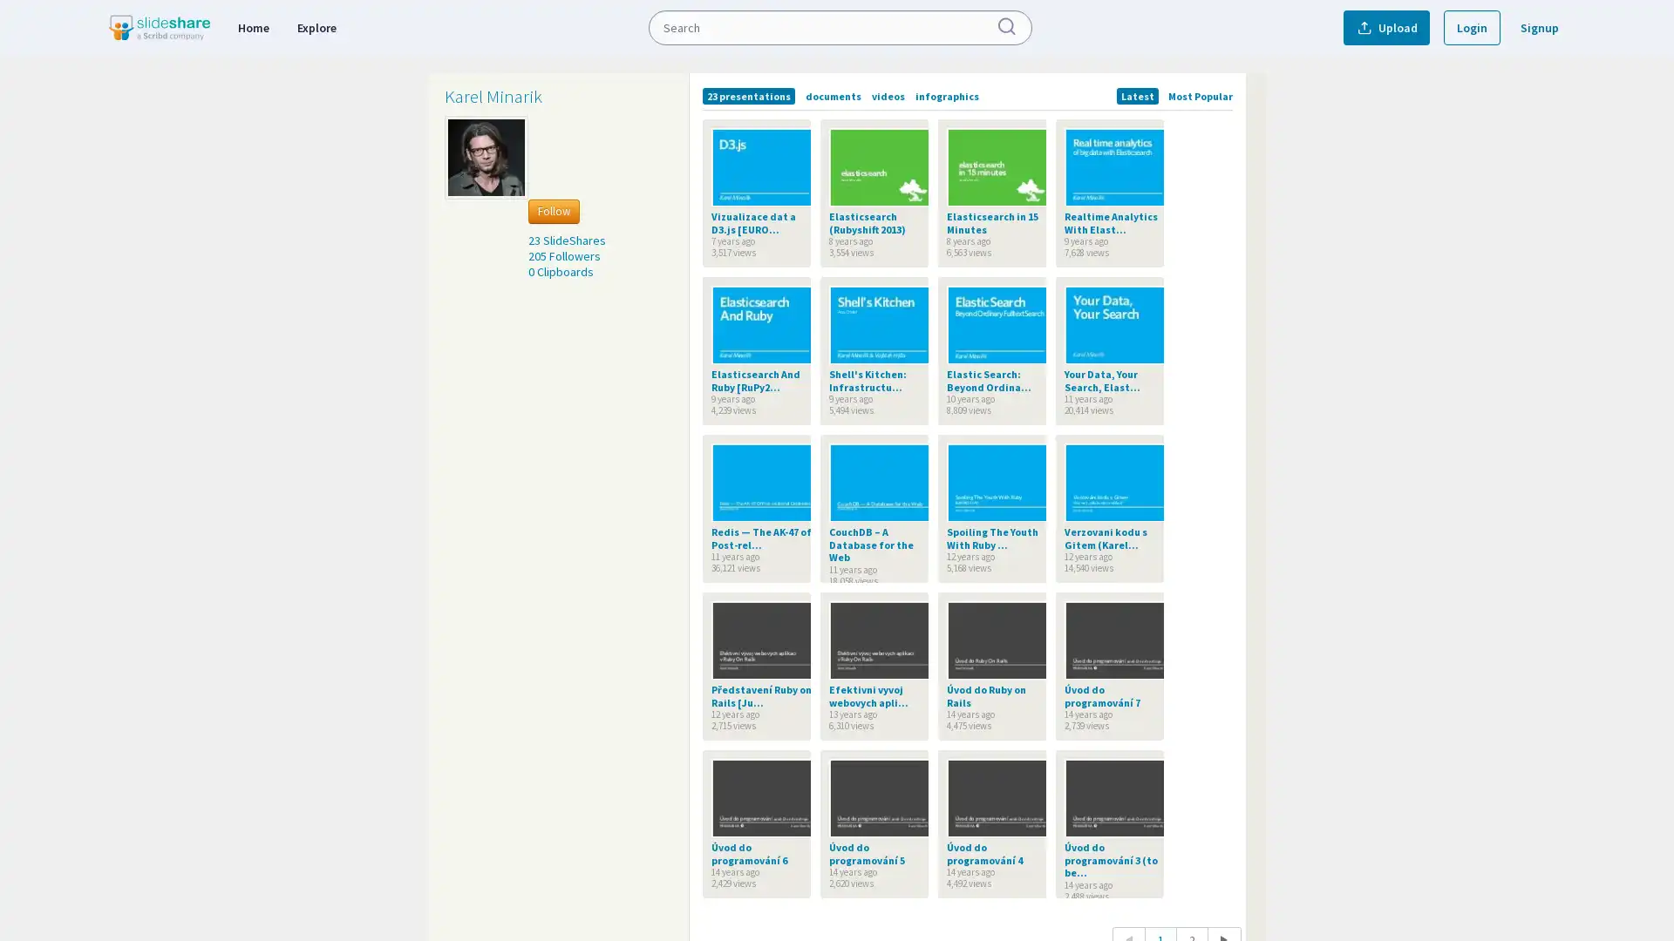  Describe the element at coordinates (1004, 26) in the screenshot. I see `Submit Search` at that location.